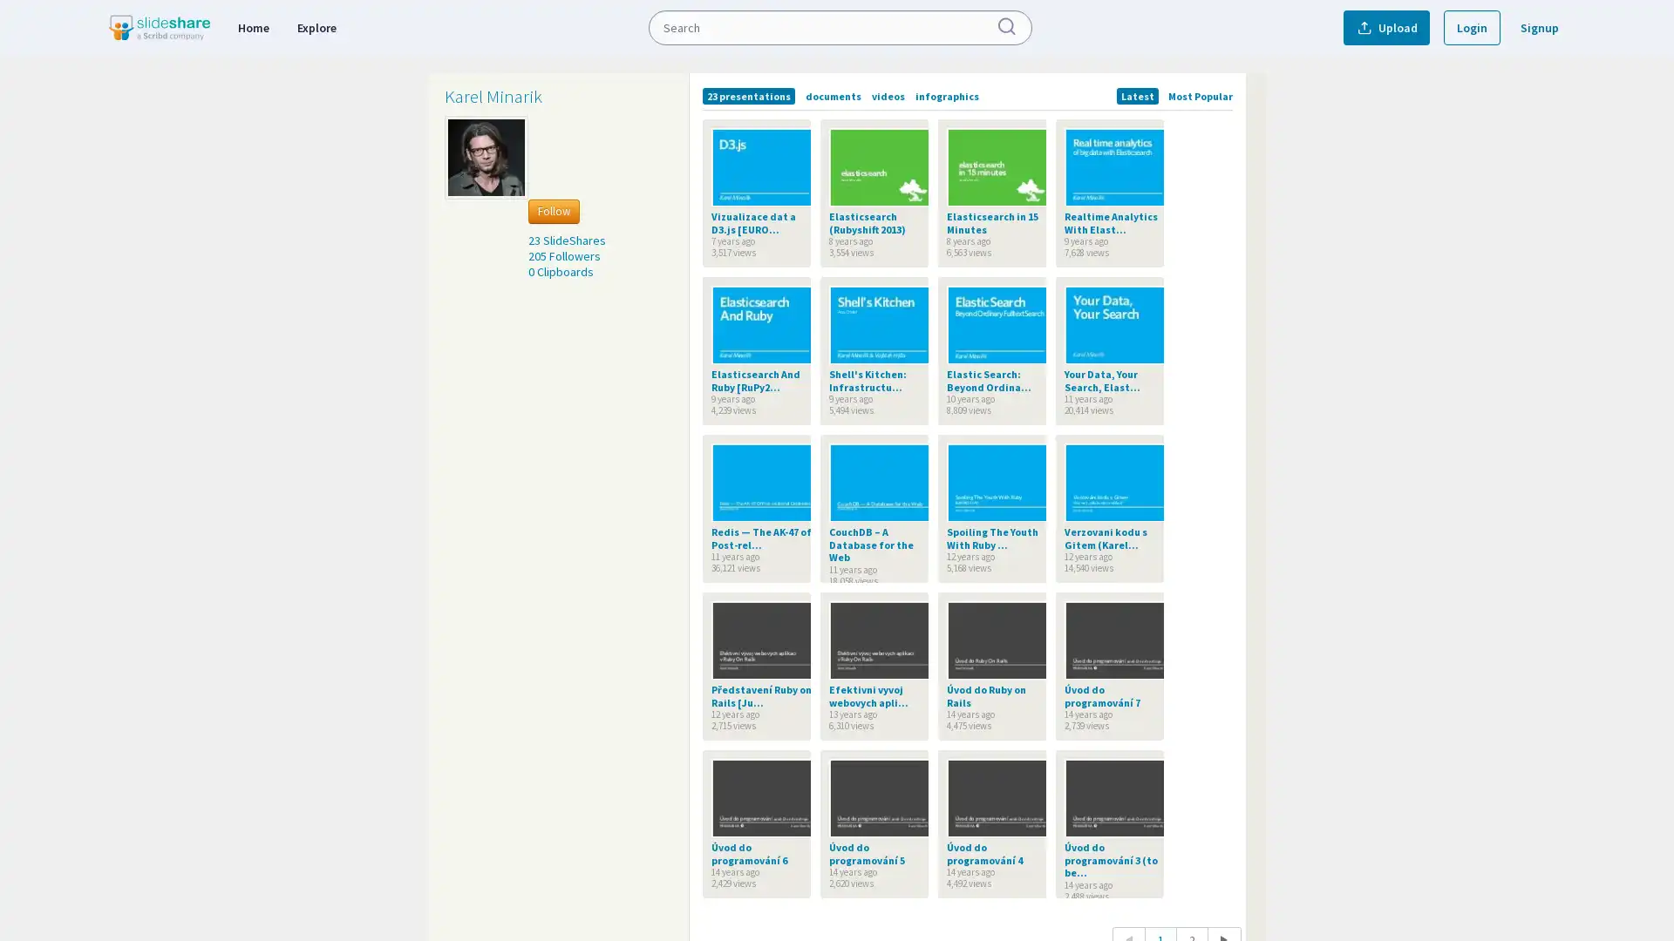  Describe the element at coordinates (1004, 26) in the screenshot. I see `Submit Search` at that location.